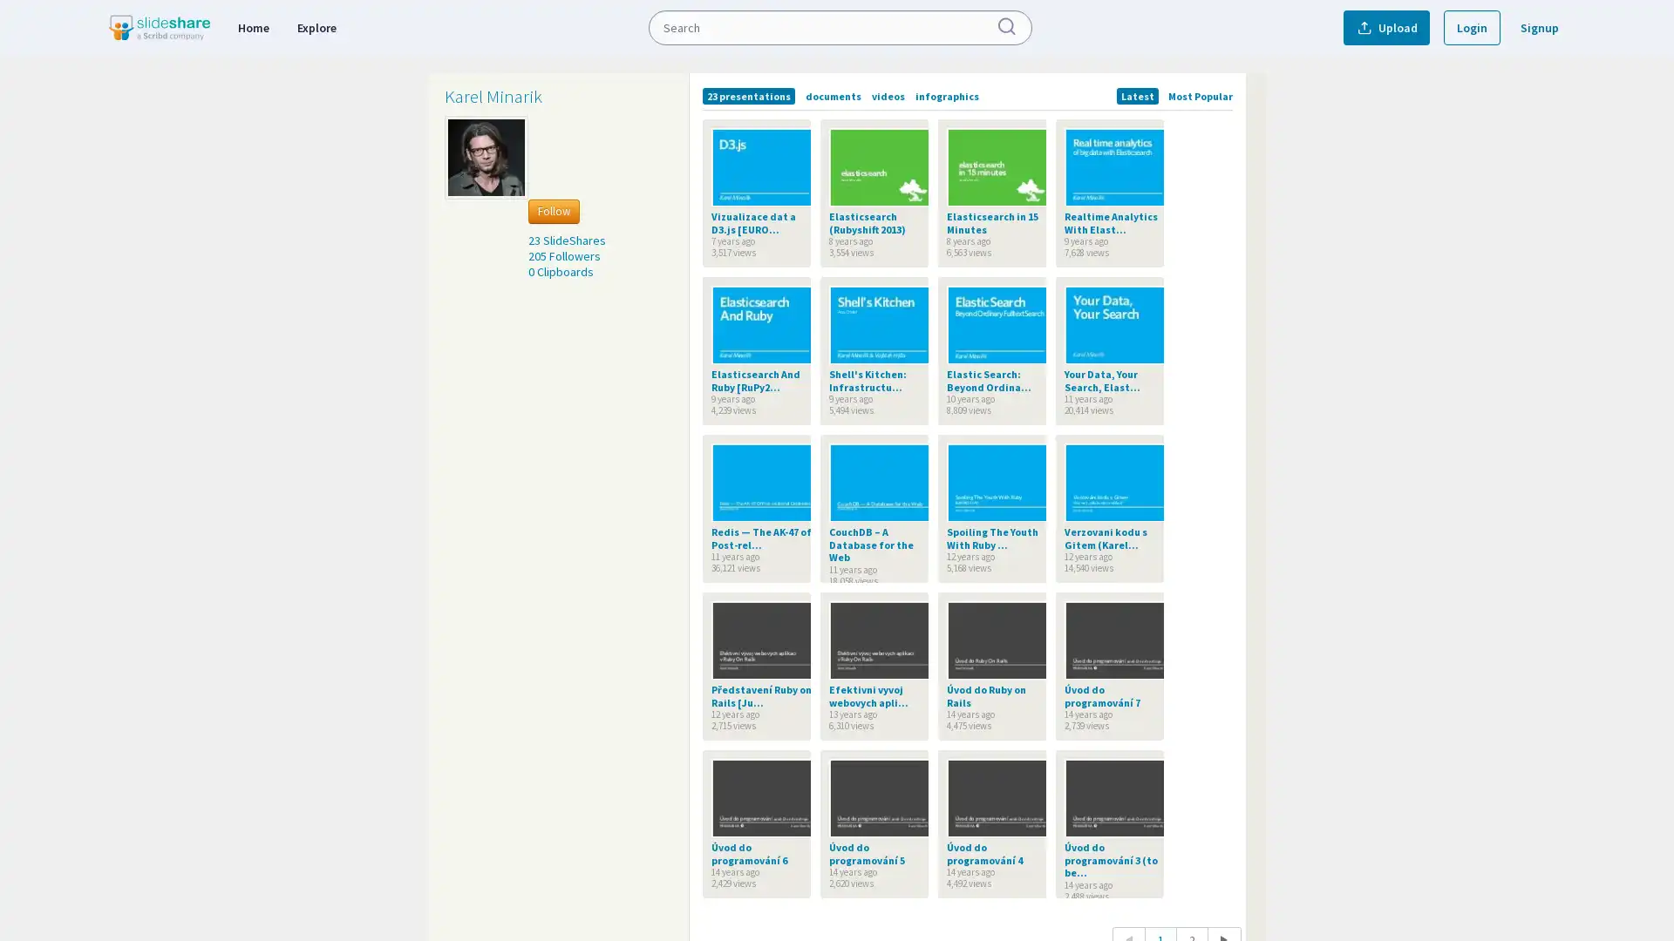  Describe the element at coordinates (1004, 26) in the screenshot. I see `Submit Search` at that location.